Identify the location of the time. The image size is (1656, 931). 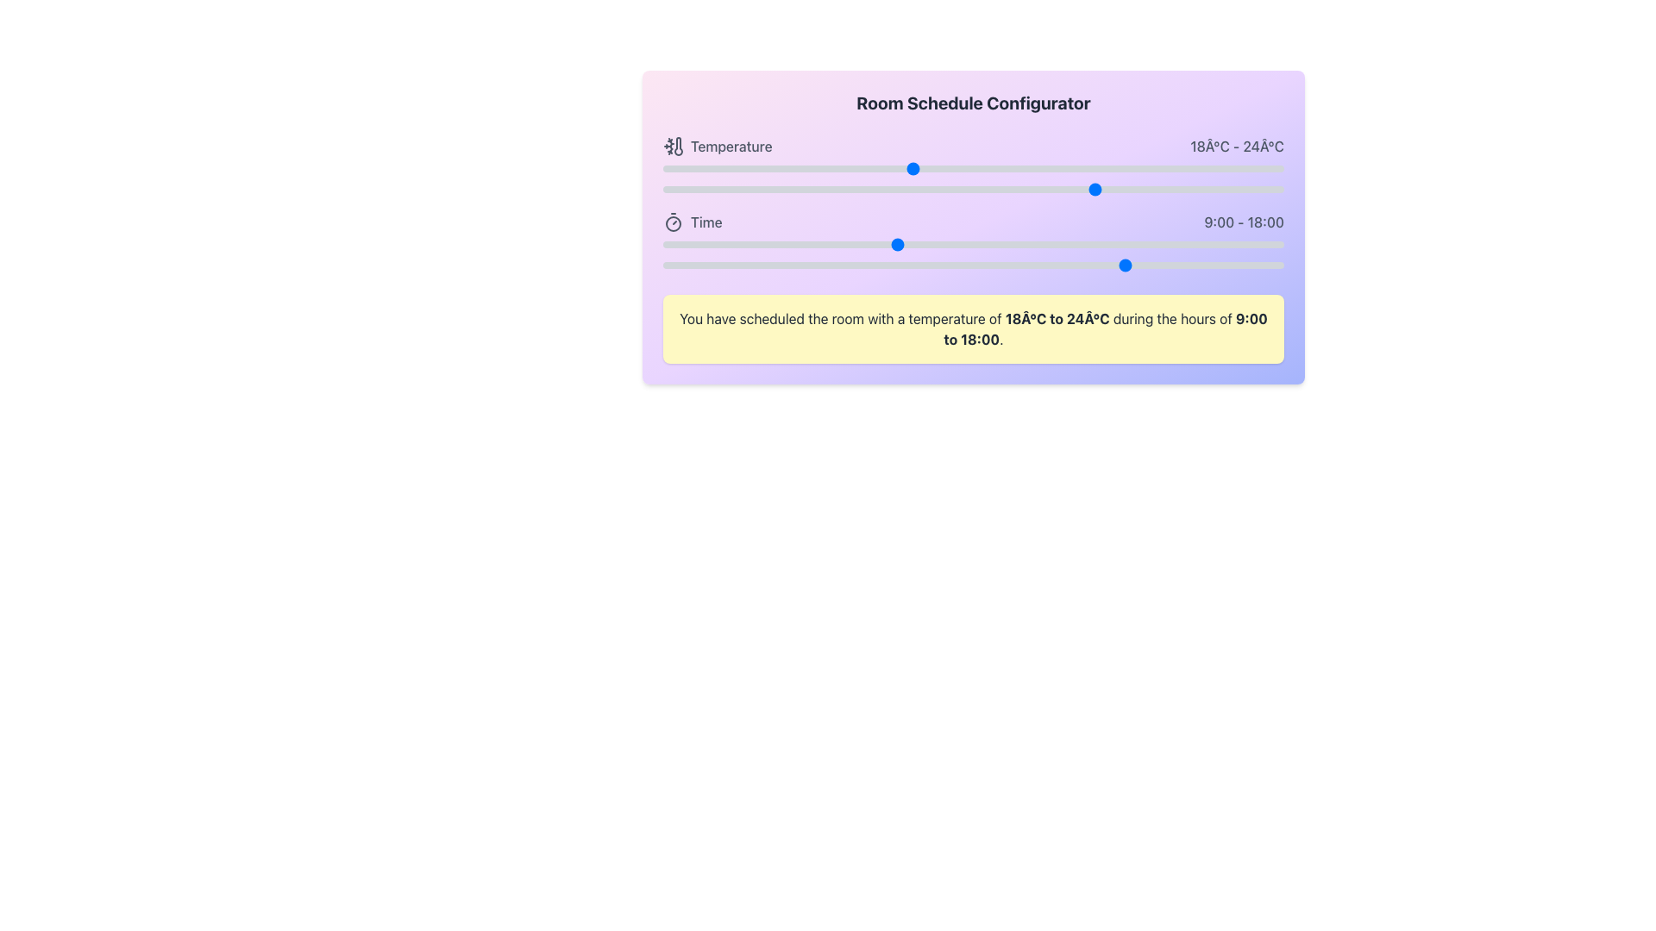
(765, 266).